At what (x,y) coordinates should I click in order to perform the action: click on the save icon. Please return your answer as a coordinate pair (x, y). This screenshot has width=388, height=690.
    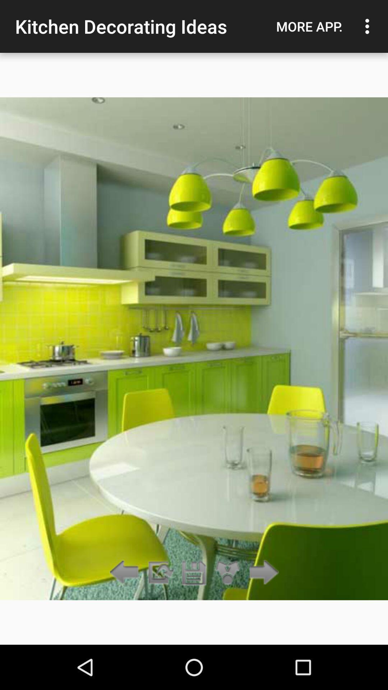
    Looking at the image, I should click on (194, 572).